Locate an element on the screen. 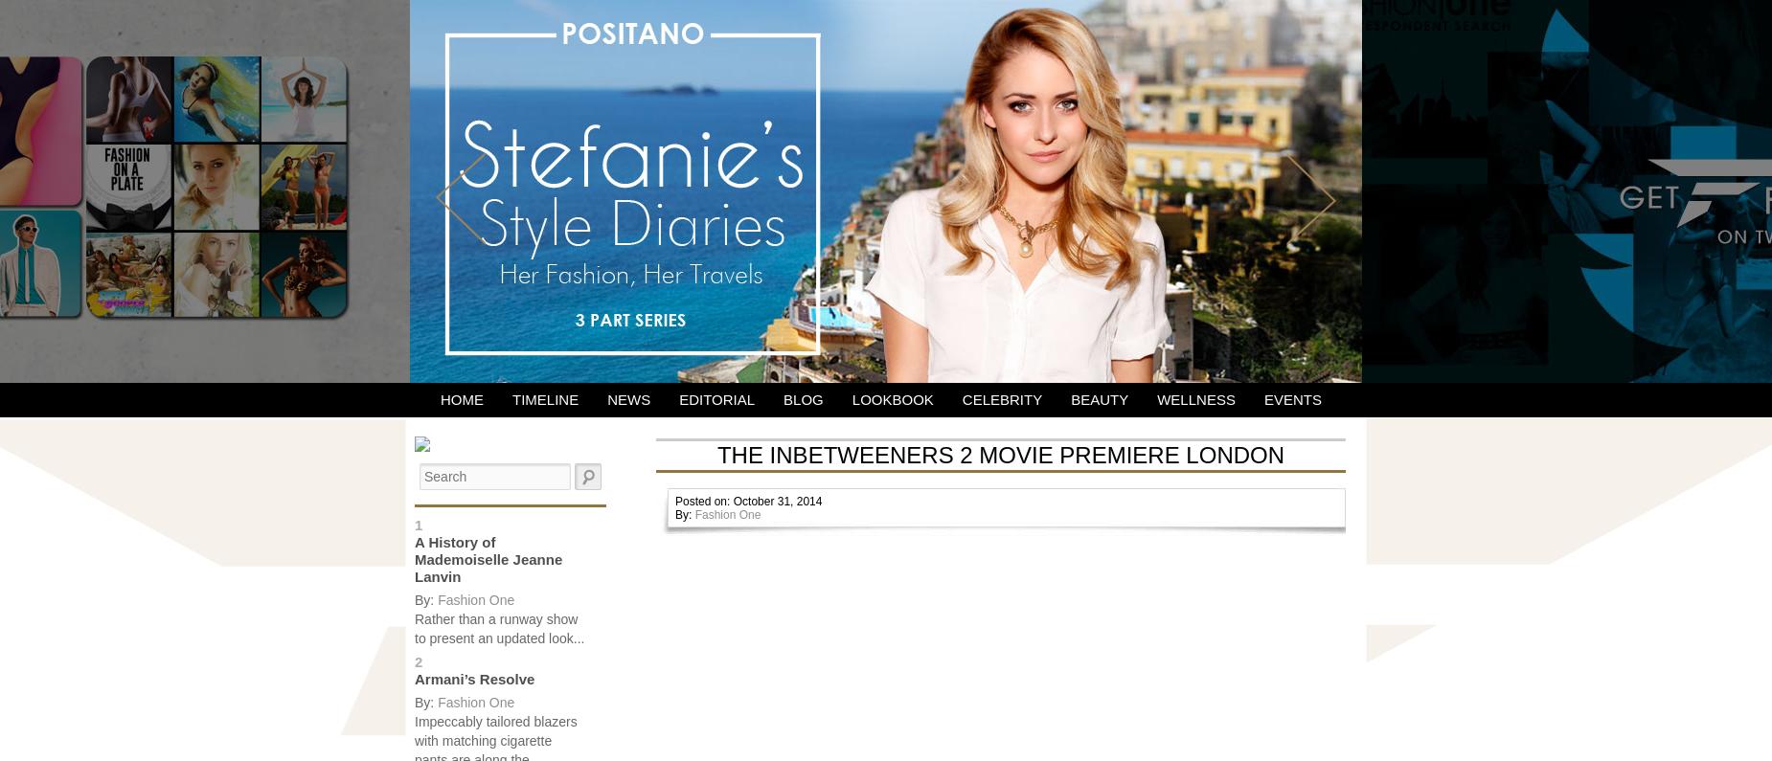 The image size is (1772, 761). 'LOOKBOOK' is located at coordinates (891, 399).